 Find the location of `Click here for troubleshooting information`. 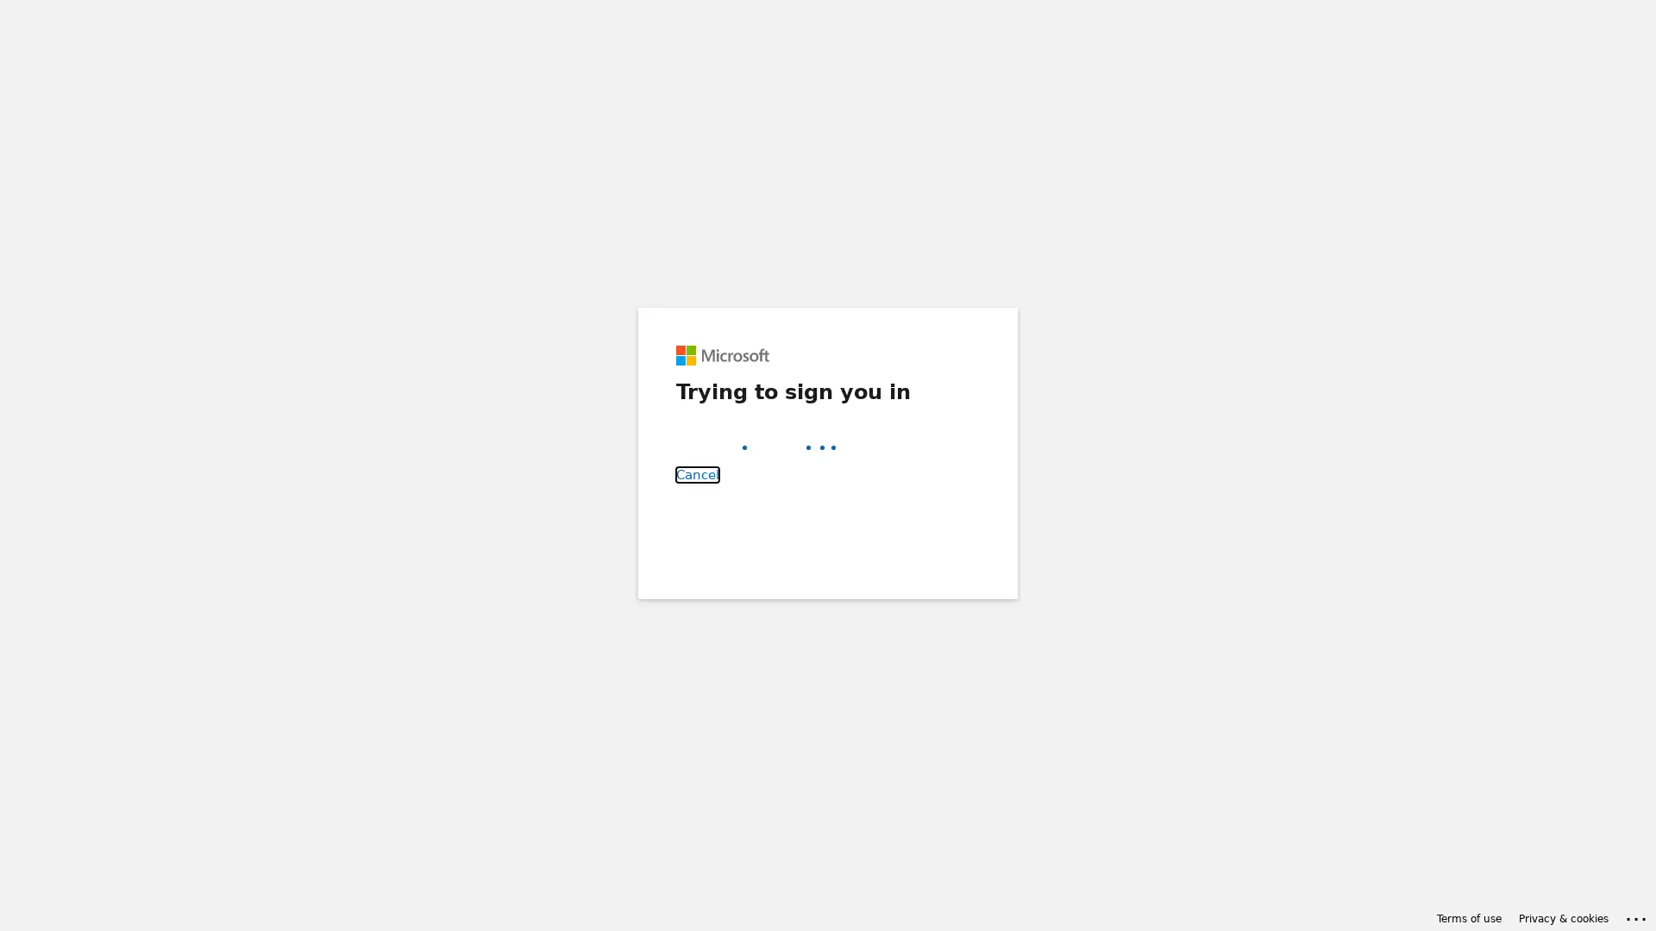

Click here for troubleshooting information is located at coordinates (1636, 915).